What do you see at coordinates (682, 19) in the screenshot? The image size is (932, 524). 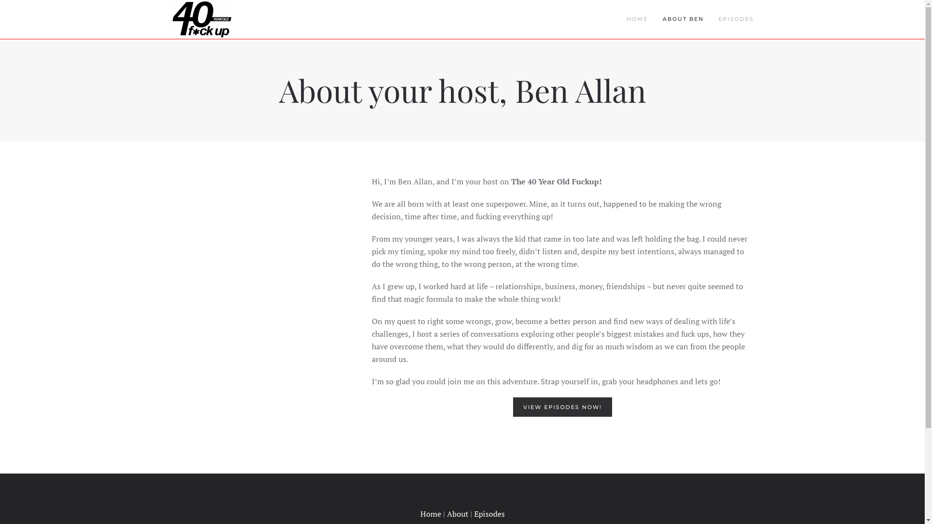 I see `'ABOUT BEN'` at bounding box center [682, 19].